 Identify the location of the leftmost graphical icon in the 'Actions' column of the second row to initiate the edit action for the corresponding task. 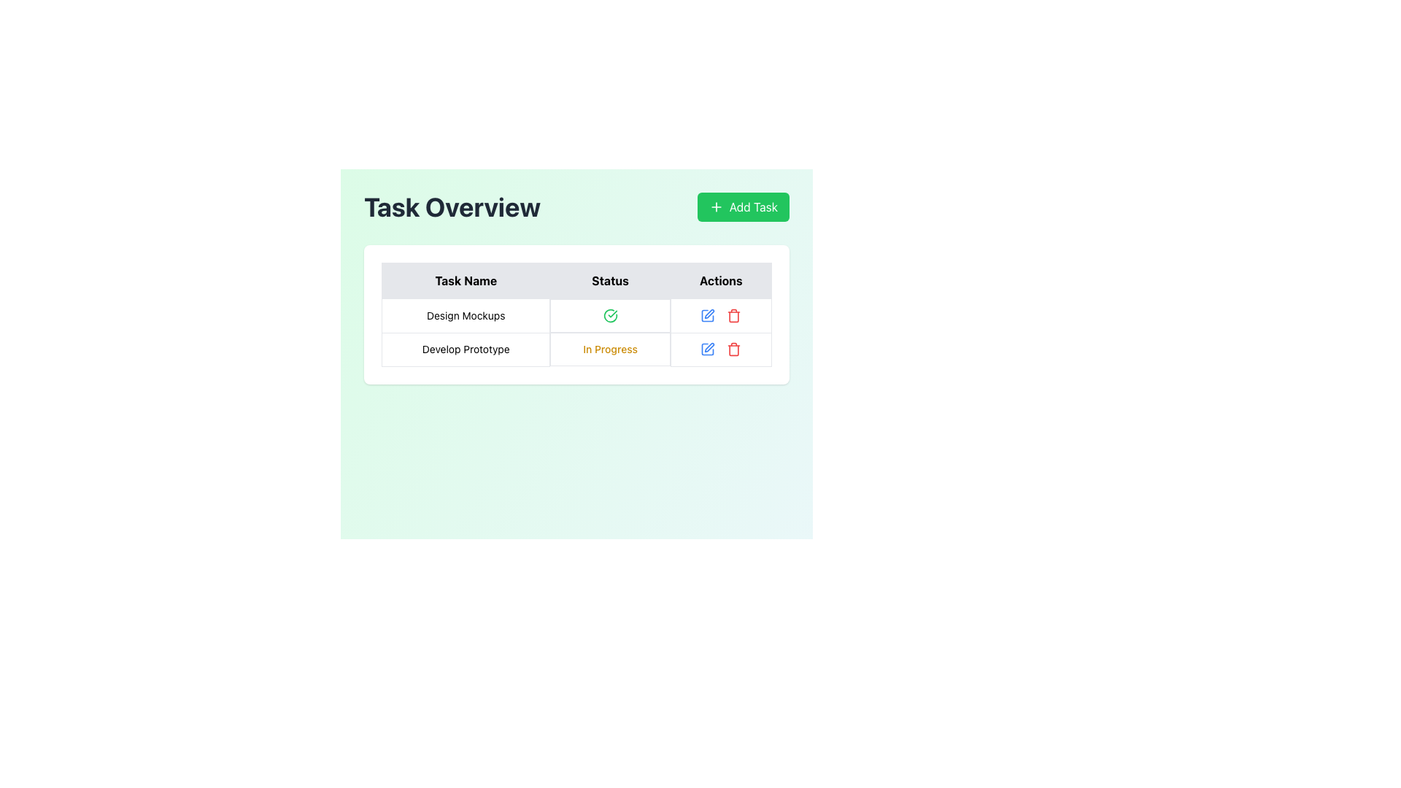
(708, 349).